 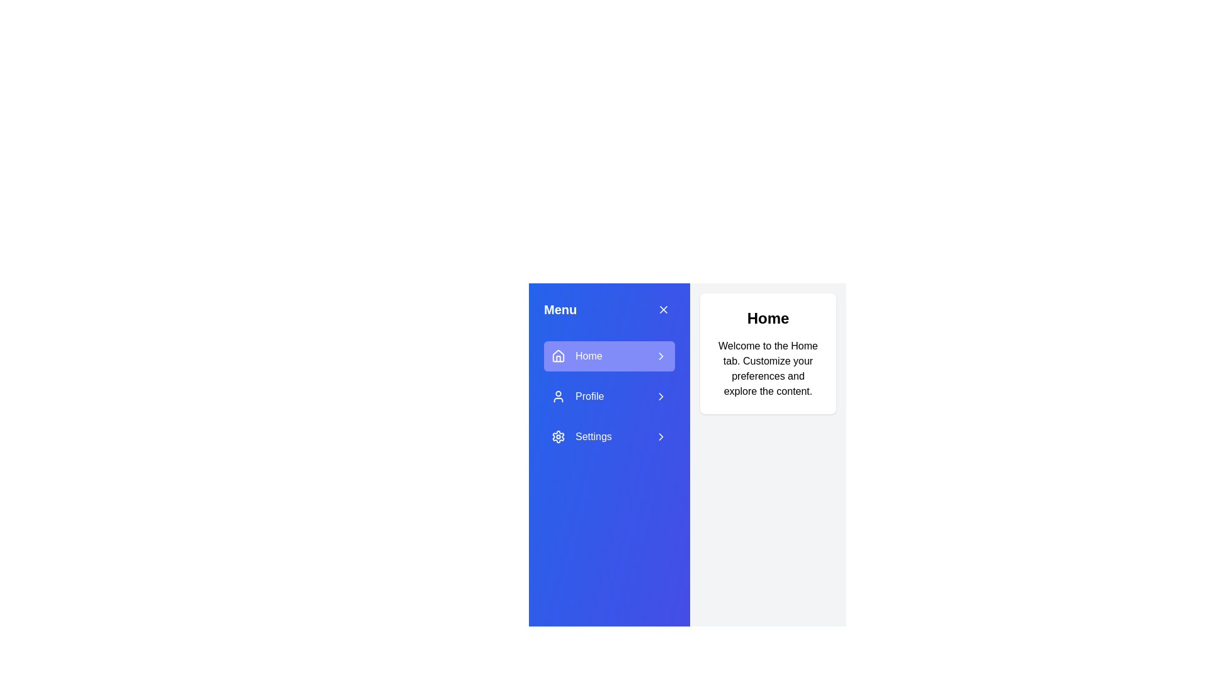 I want to click on the 'Home' text label element, which is part of a button-like structure in the navigation menu, to initiate navigation, so click(x=588, y=356).